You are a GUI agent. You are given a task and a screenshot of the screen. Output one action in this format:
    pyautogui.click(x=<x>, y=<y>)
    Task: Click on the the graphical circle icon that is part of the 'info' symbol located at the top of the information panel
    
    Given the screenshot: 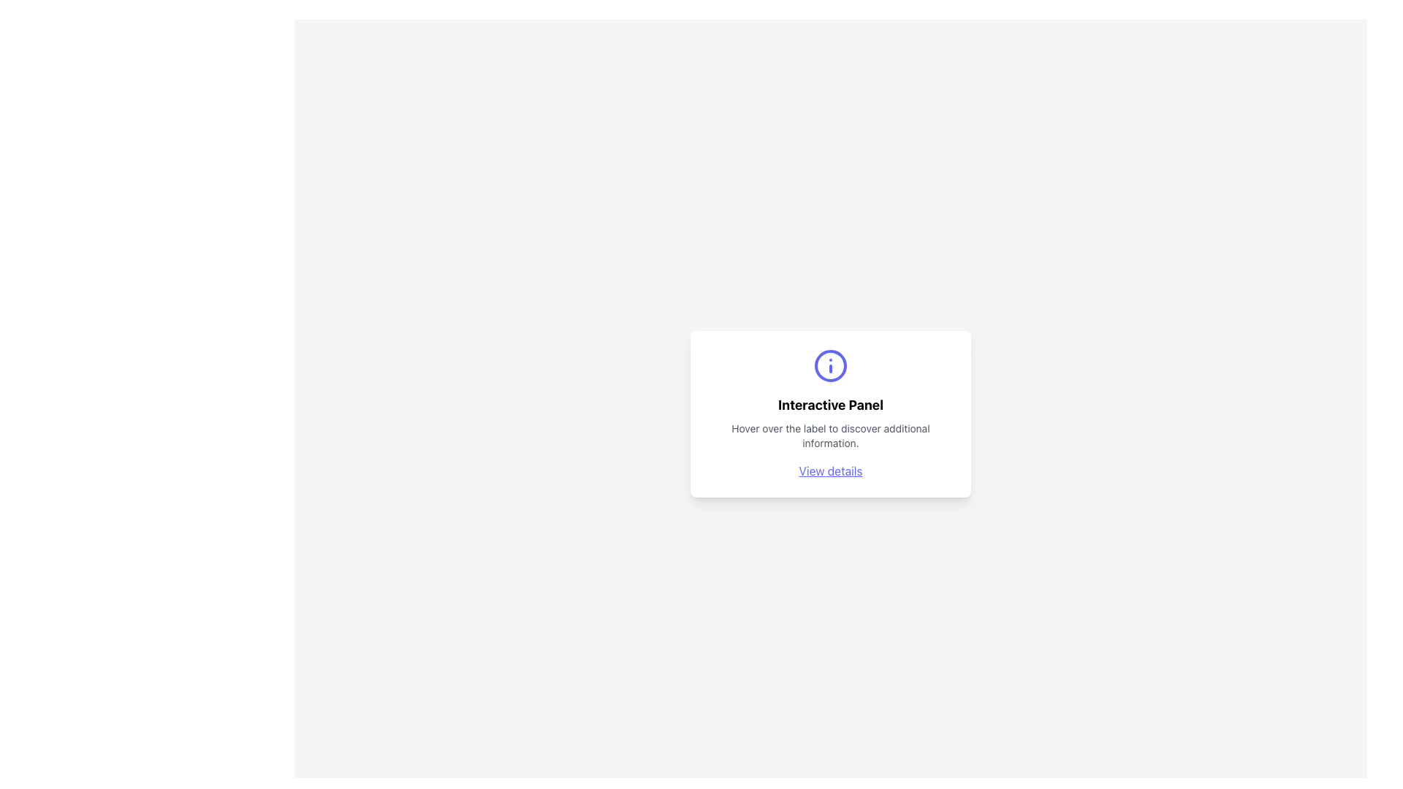 What is the action you would take?
    pyautogui.click(x=831, y=365)
    